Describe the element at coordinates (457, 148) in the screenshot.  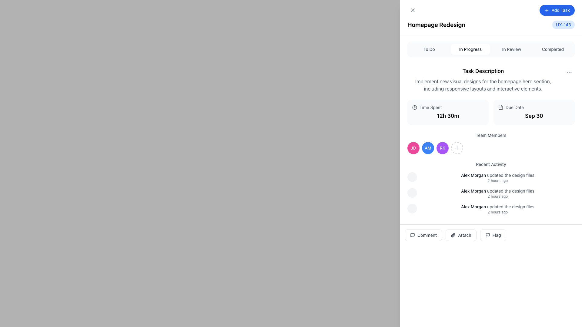
I see `the fourth circular button with a dashed gray border and a plus icon in the 'Team Members' section, located next to the purple avatar with 'RK' to change its appearance` at that location.